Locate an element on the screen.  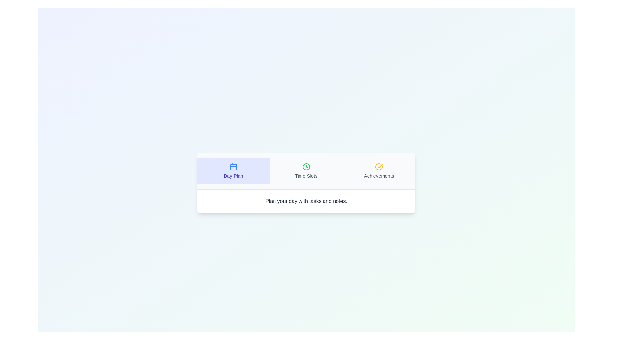
the tab titled Day Plan is located at coordinates (233, 170).